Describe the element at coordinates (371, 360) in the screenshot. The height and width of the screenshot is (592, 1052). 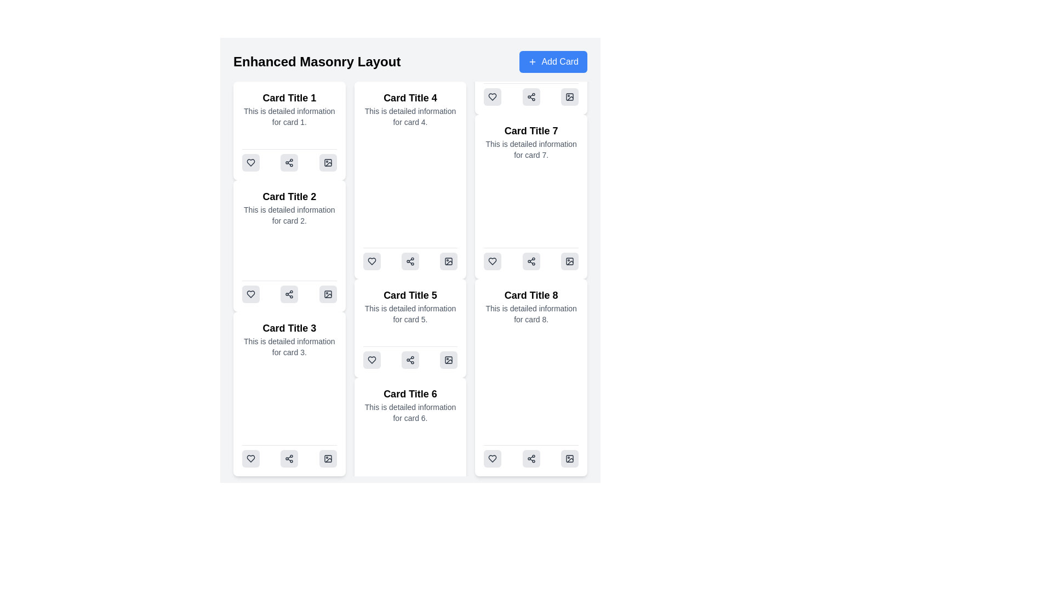
I see `the heart-shaped icon located at the bottom section of 'Card Title 6'` at that location.